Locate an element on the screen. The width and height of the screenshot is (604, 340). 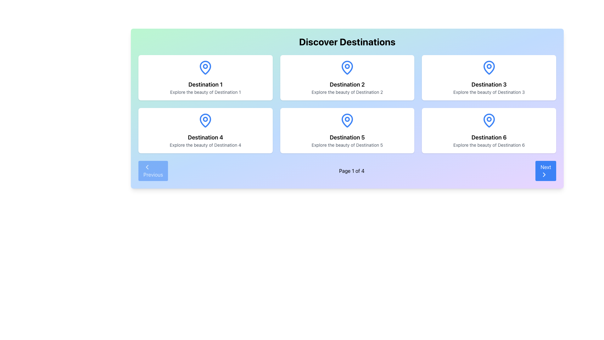
the small circular graphical shape within the SVG icon representing 'Destination 3' on the map pin is located at coordinates (489, 66).